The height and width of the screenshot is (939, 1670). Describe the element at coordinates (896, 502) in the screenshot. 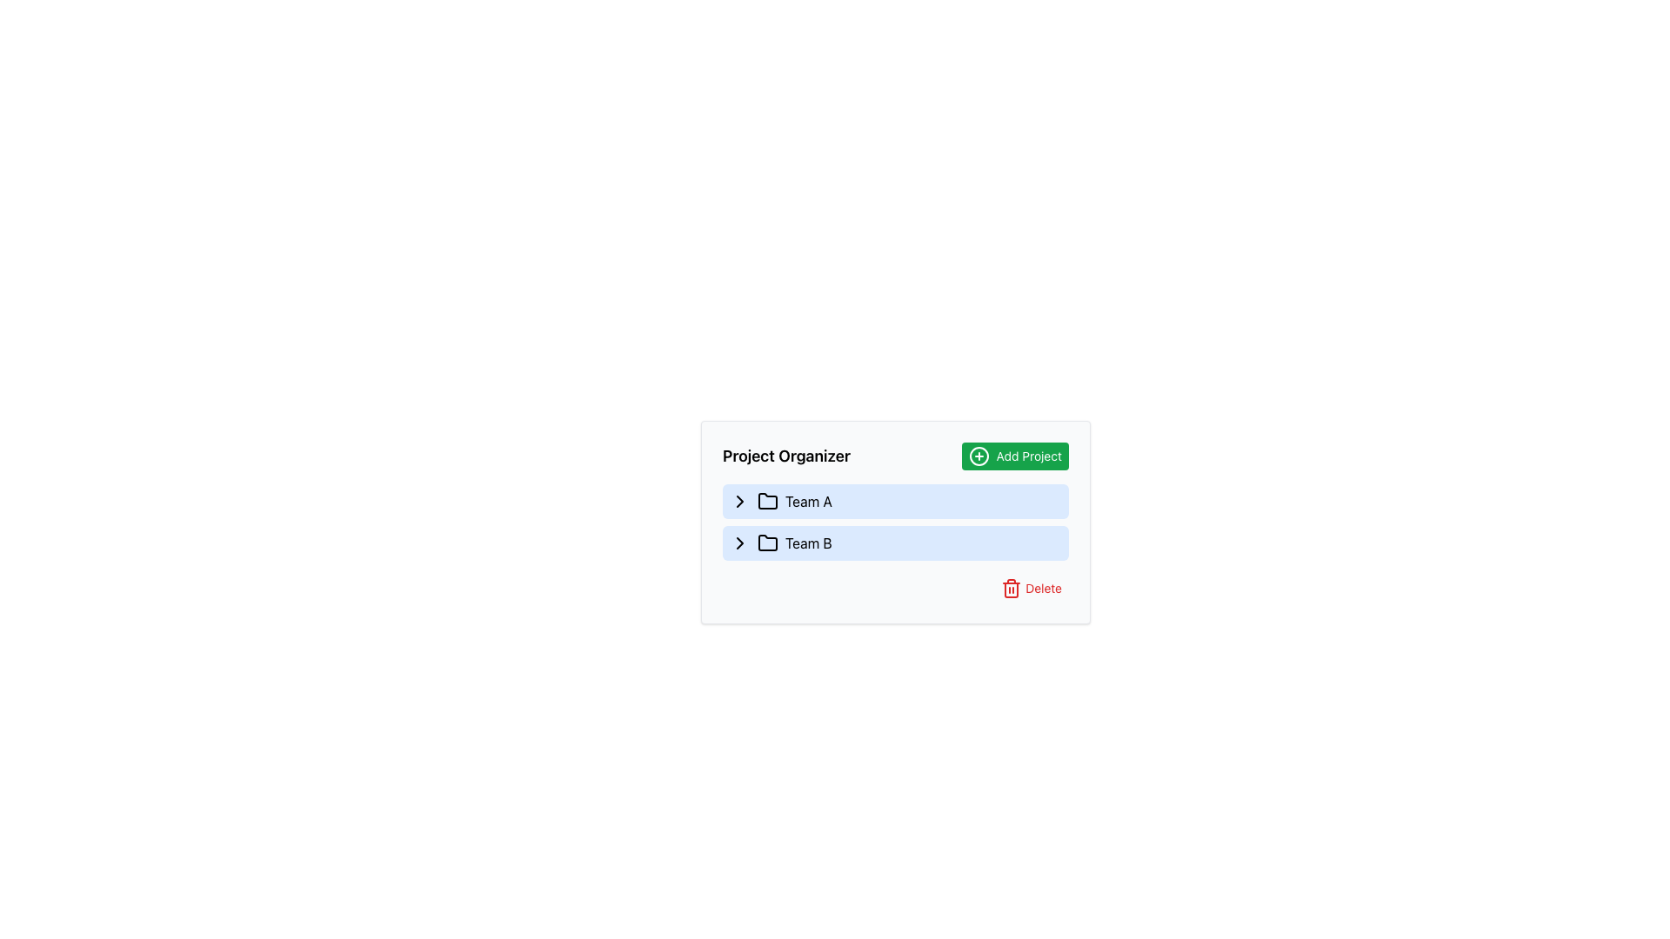

I see `the selectable item named 'Team A' in the project organizer interface` at that location.